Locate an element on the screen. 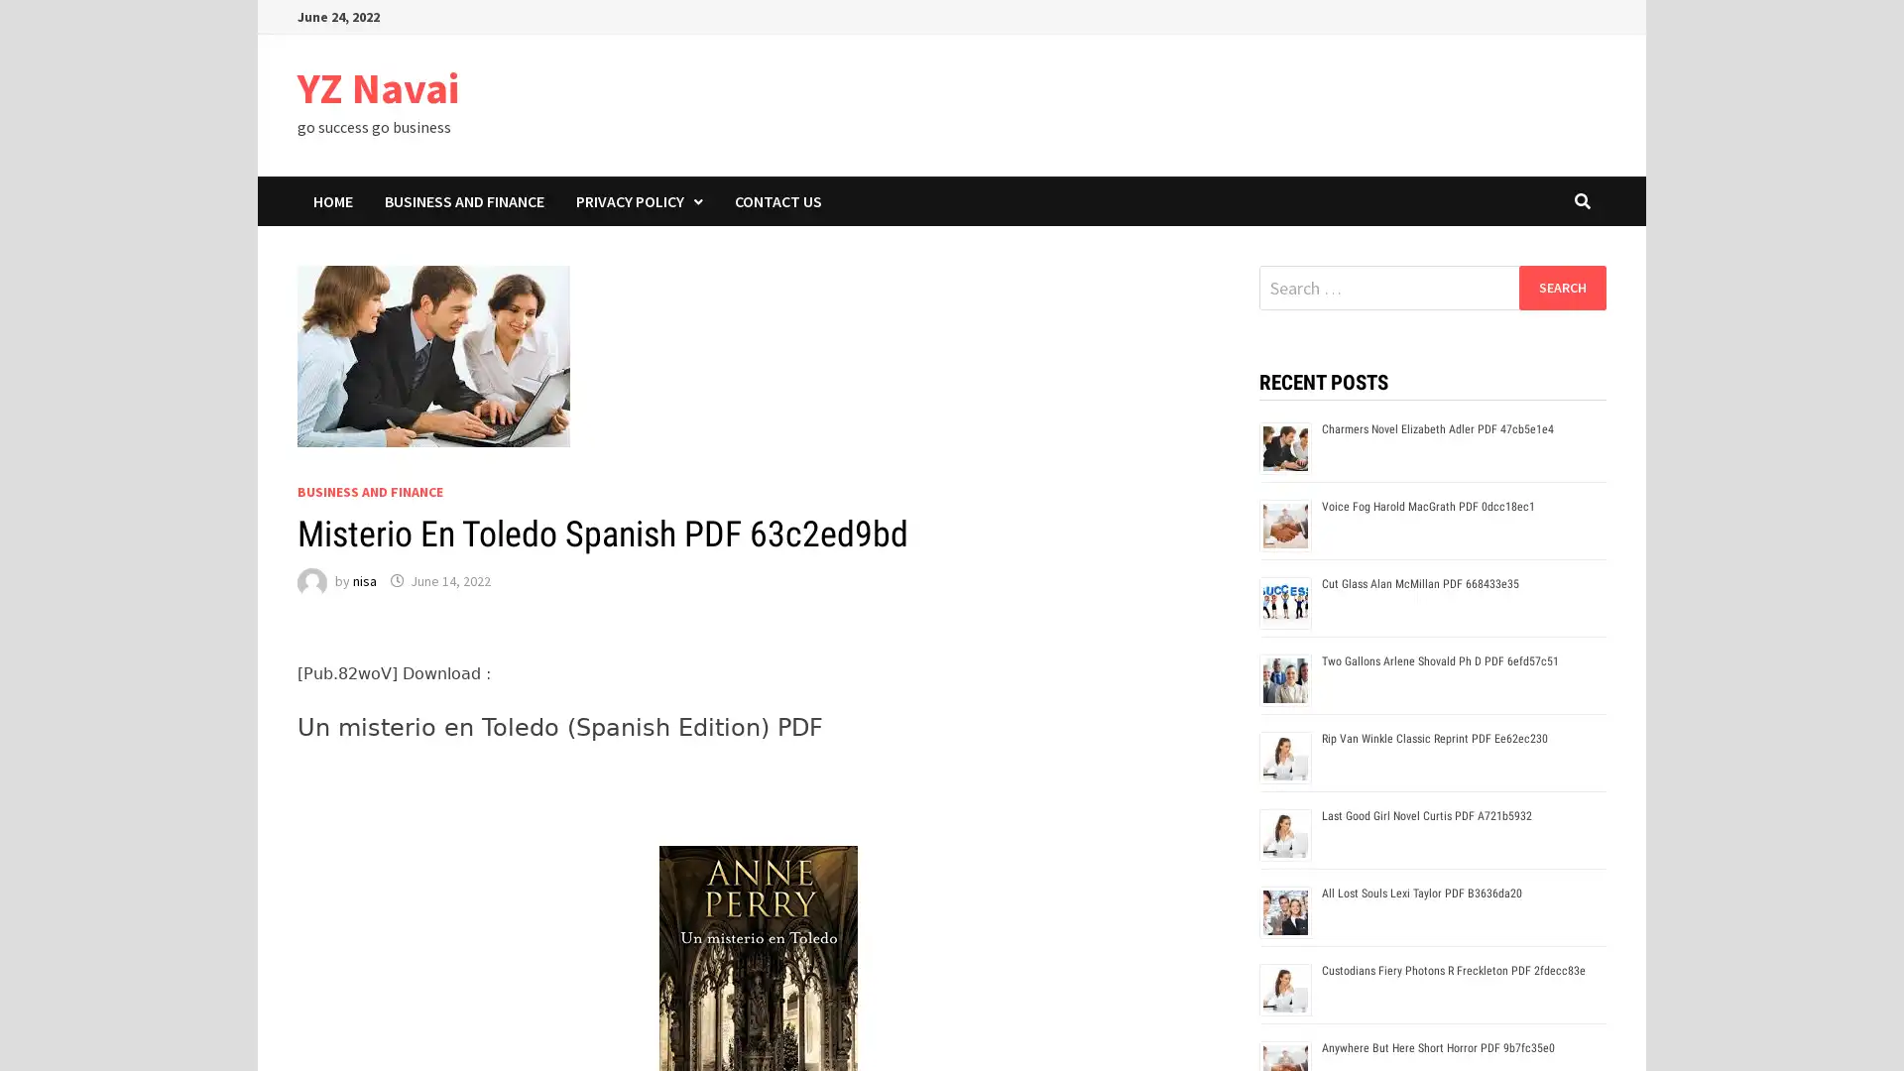 The height and width of the screenshot is (1071, 1904). Search is located at coordinates (1561, 287).